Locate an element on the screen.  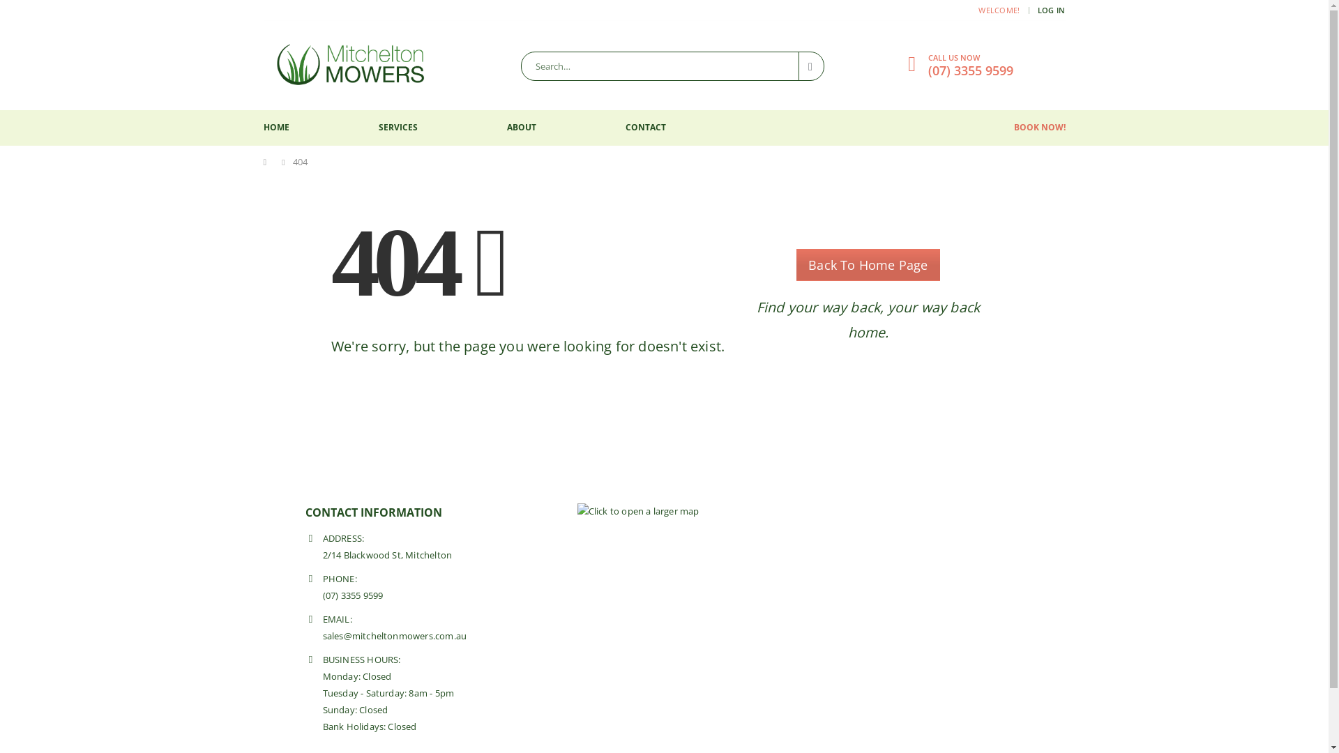
'Search' is located at coordinates (811, 66).